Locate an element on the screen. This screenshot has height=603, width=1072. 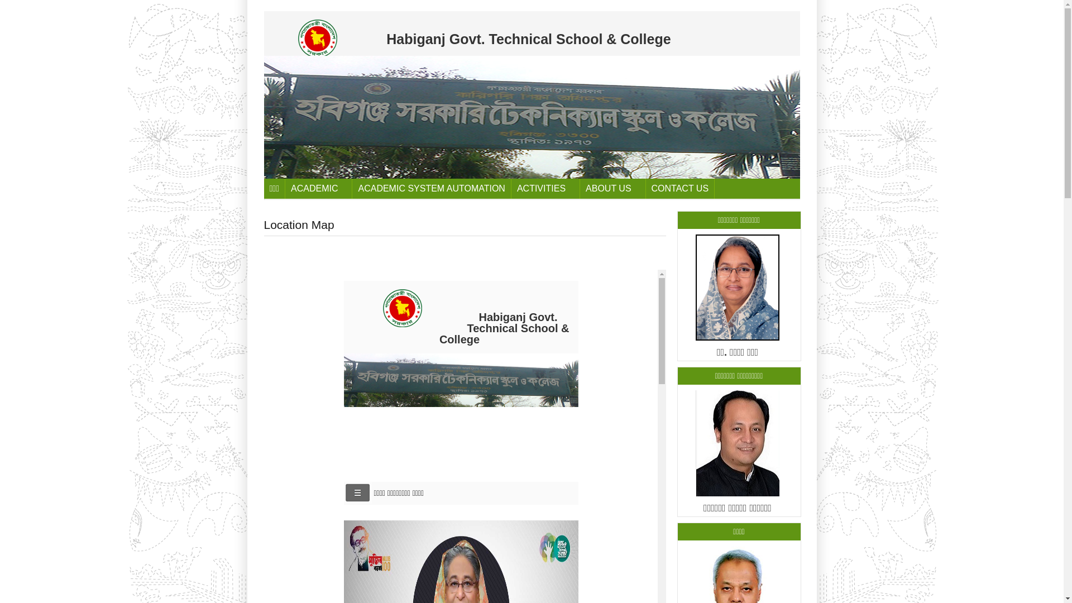
'ACADEMIC SYSTEM AUTOMATION' is located at coordinates (430, 188).